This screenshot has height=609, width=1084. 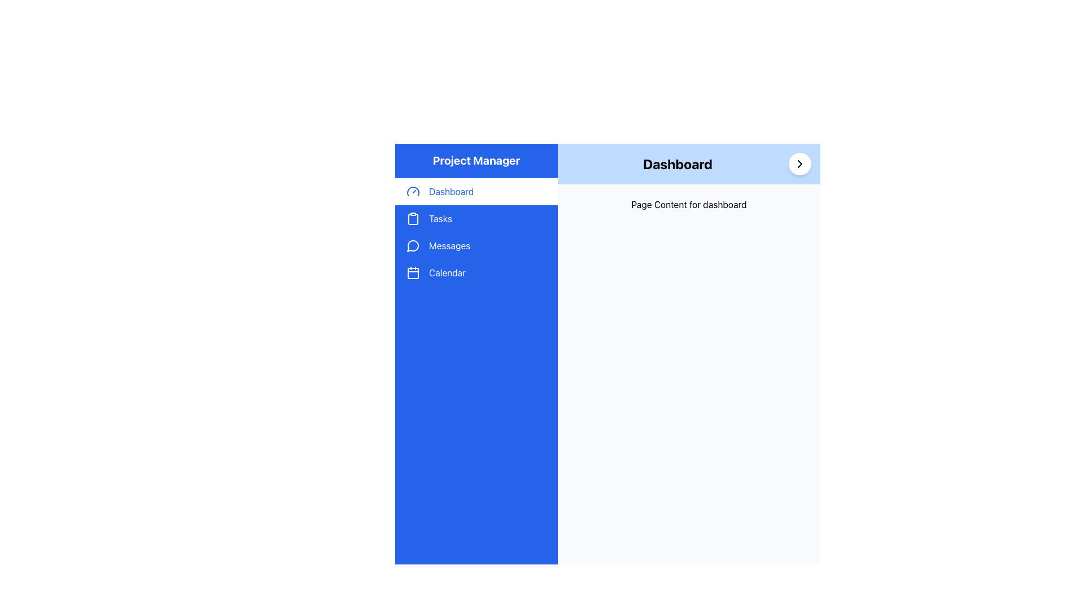 I want to click on the 'Dashboard' icon in the vertical sidebar, so click(x=412, y=191).